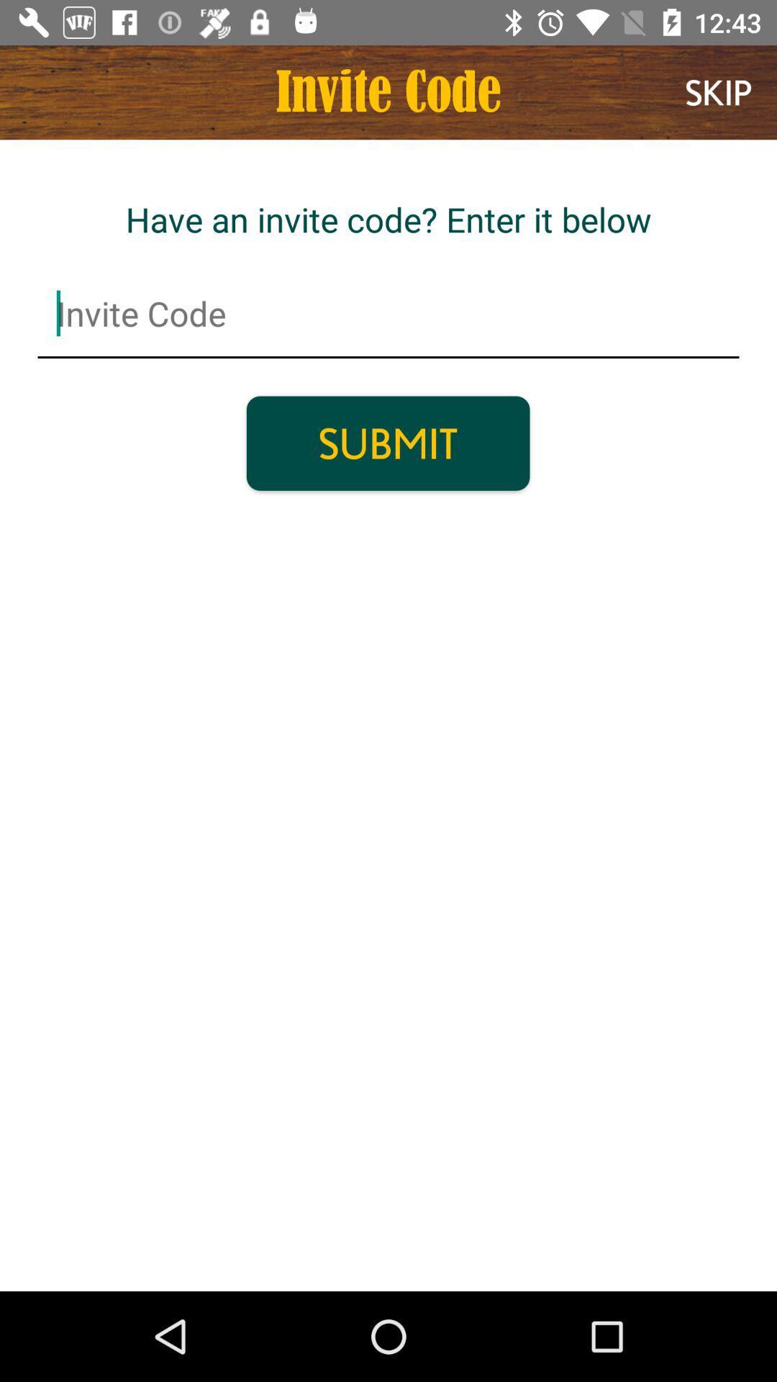 The width and height of the screenshot is (777, 1382). What do you see at coordinates (718, 91) in the screenshot?
I see `the skip item` at bounding box center [718, 91].